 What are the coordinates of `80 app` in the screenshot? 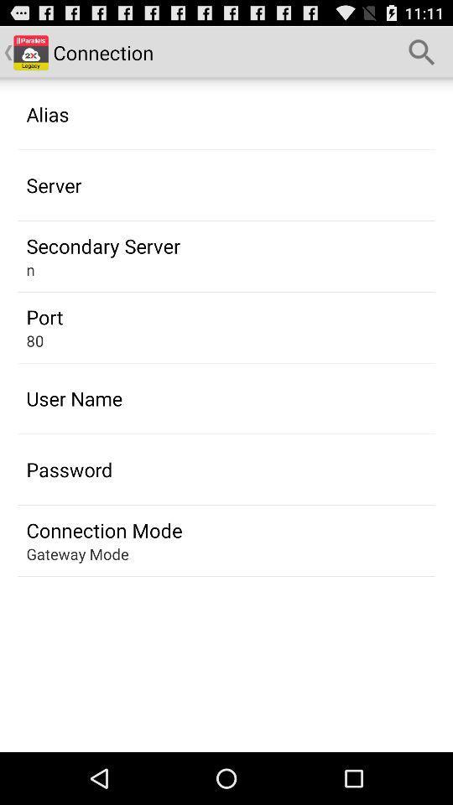 It's located at (35, 340).